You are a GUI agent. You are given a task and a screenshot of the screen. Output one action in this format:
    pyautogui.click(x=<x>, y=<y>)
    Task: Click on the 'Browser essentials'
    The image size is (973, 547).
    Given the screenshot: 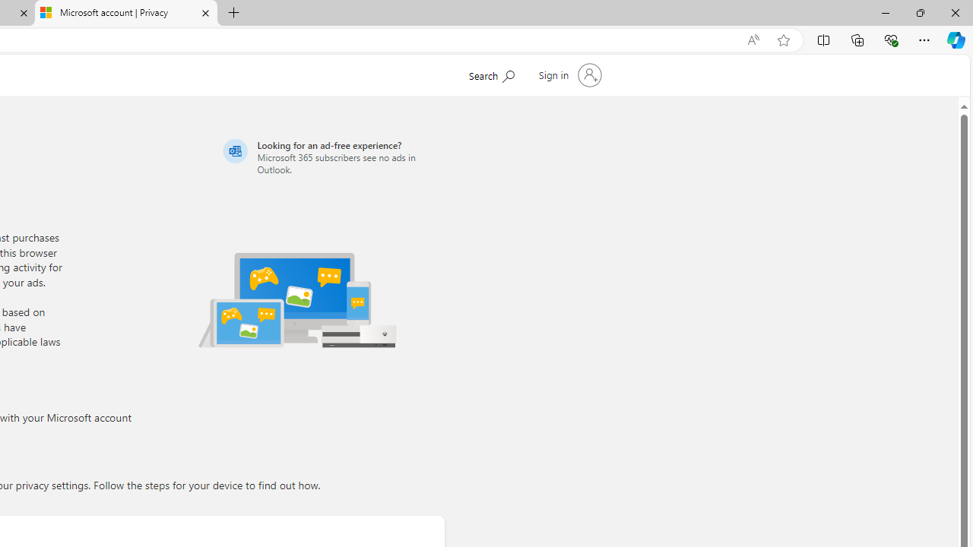 What is the action you would take?
    pyautogui.click(x=890, y=39)
    